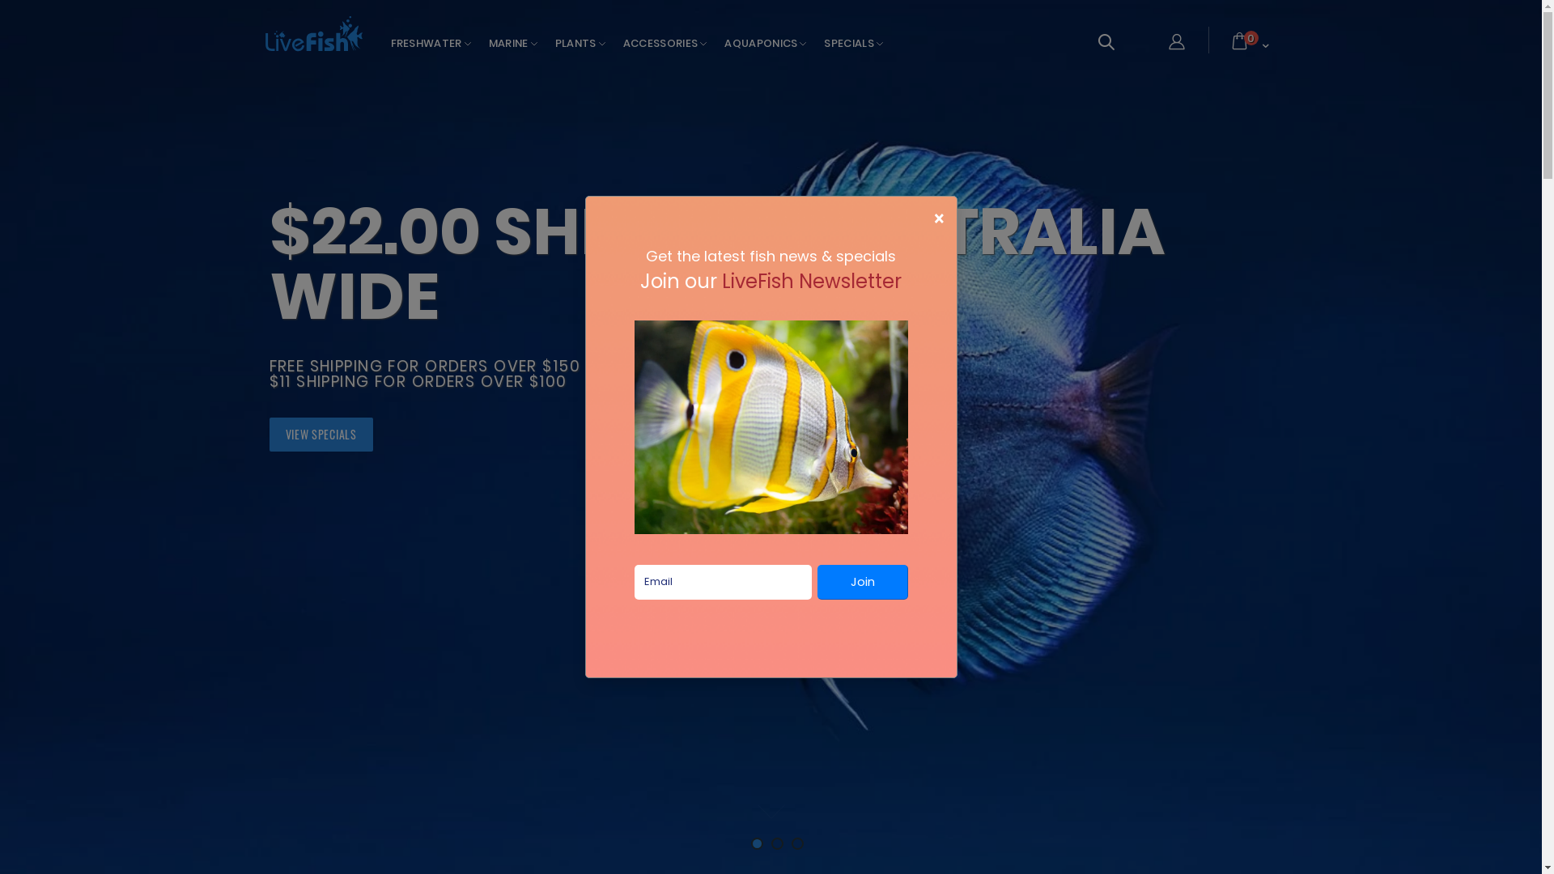  What do you see at coordinates (427, 43) in the screenshot?
I see `'FRESHWATER'` at bounding box center [427, 43].